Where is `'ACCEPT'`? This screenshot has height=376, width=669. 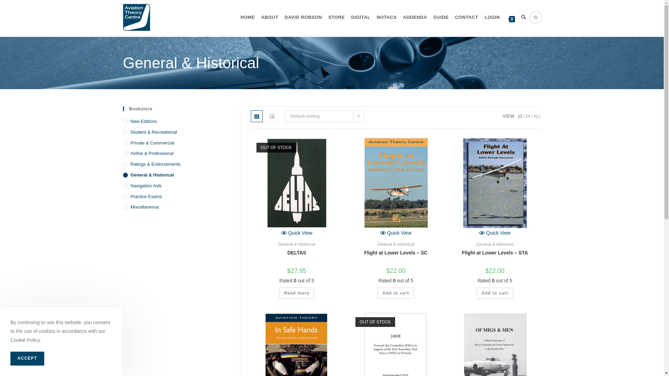
'ACCEPT' is located at coordinates (27, 358).